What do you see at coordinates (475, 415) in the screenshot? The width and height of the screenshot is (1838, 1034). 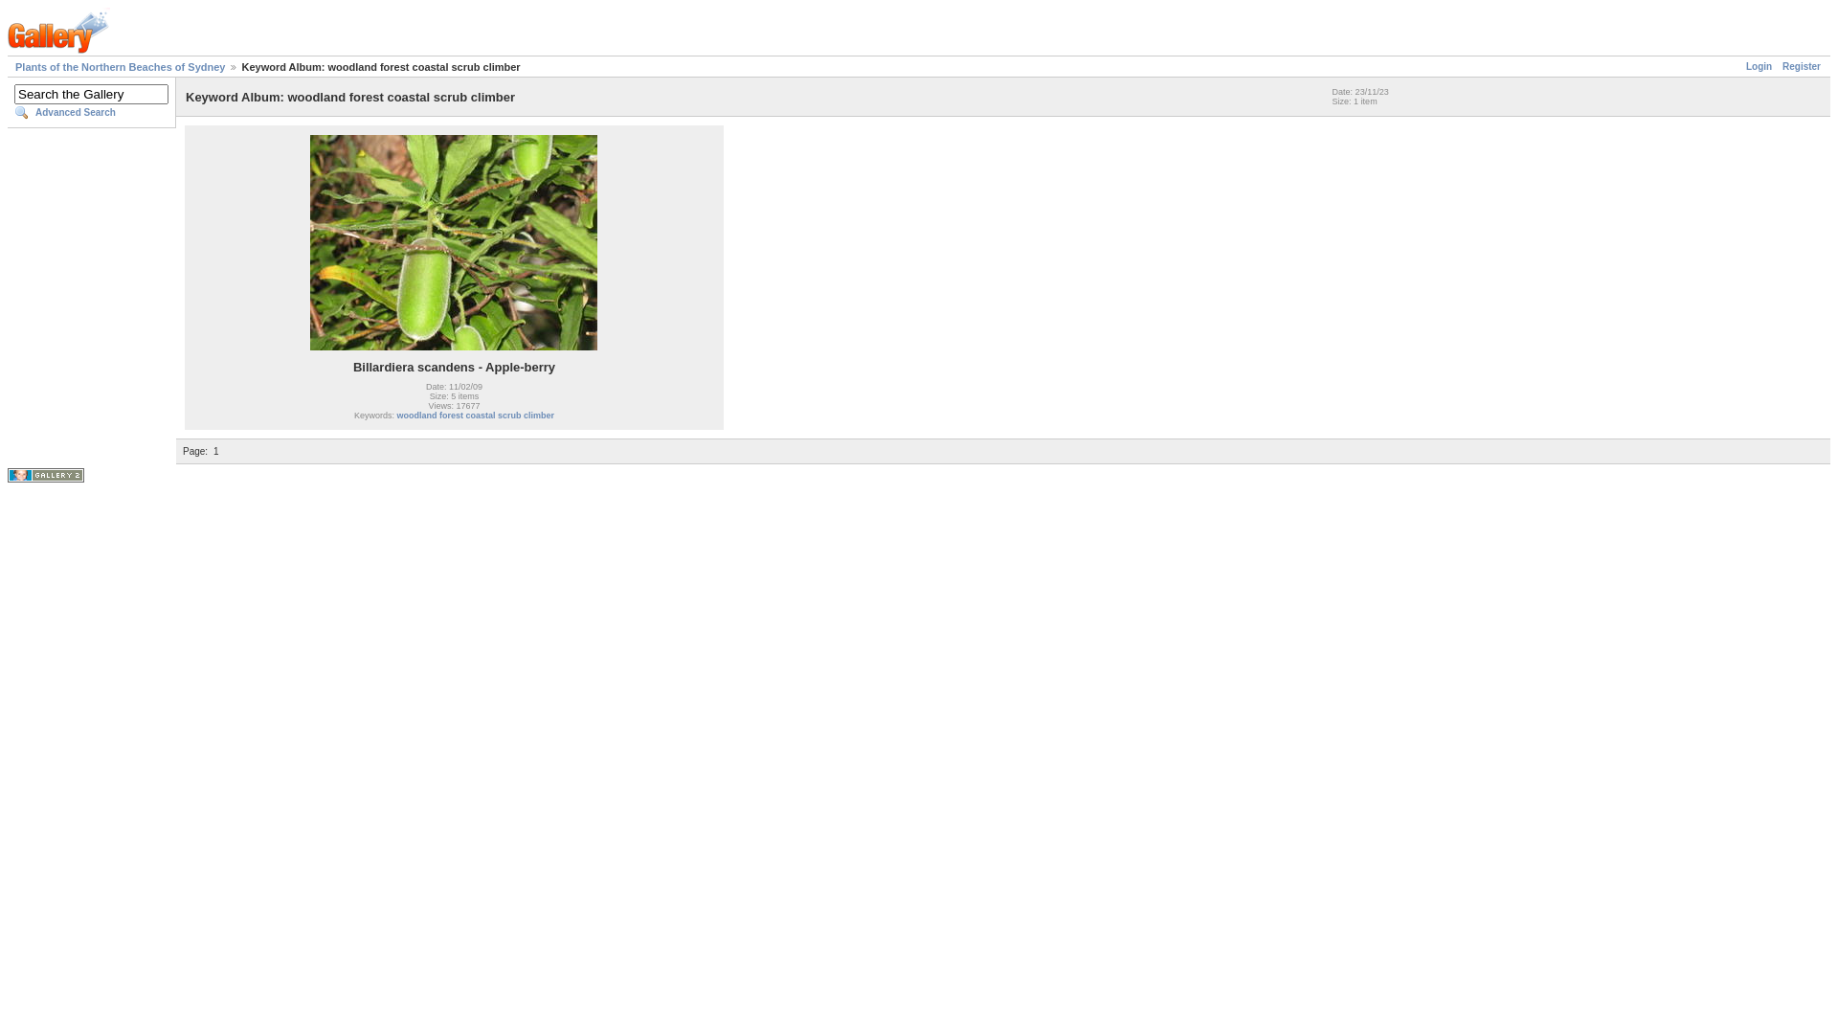 I see `'woodland forest coastal scrub climber'` at bounding box center [475, 415].